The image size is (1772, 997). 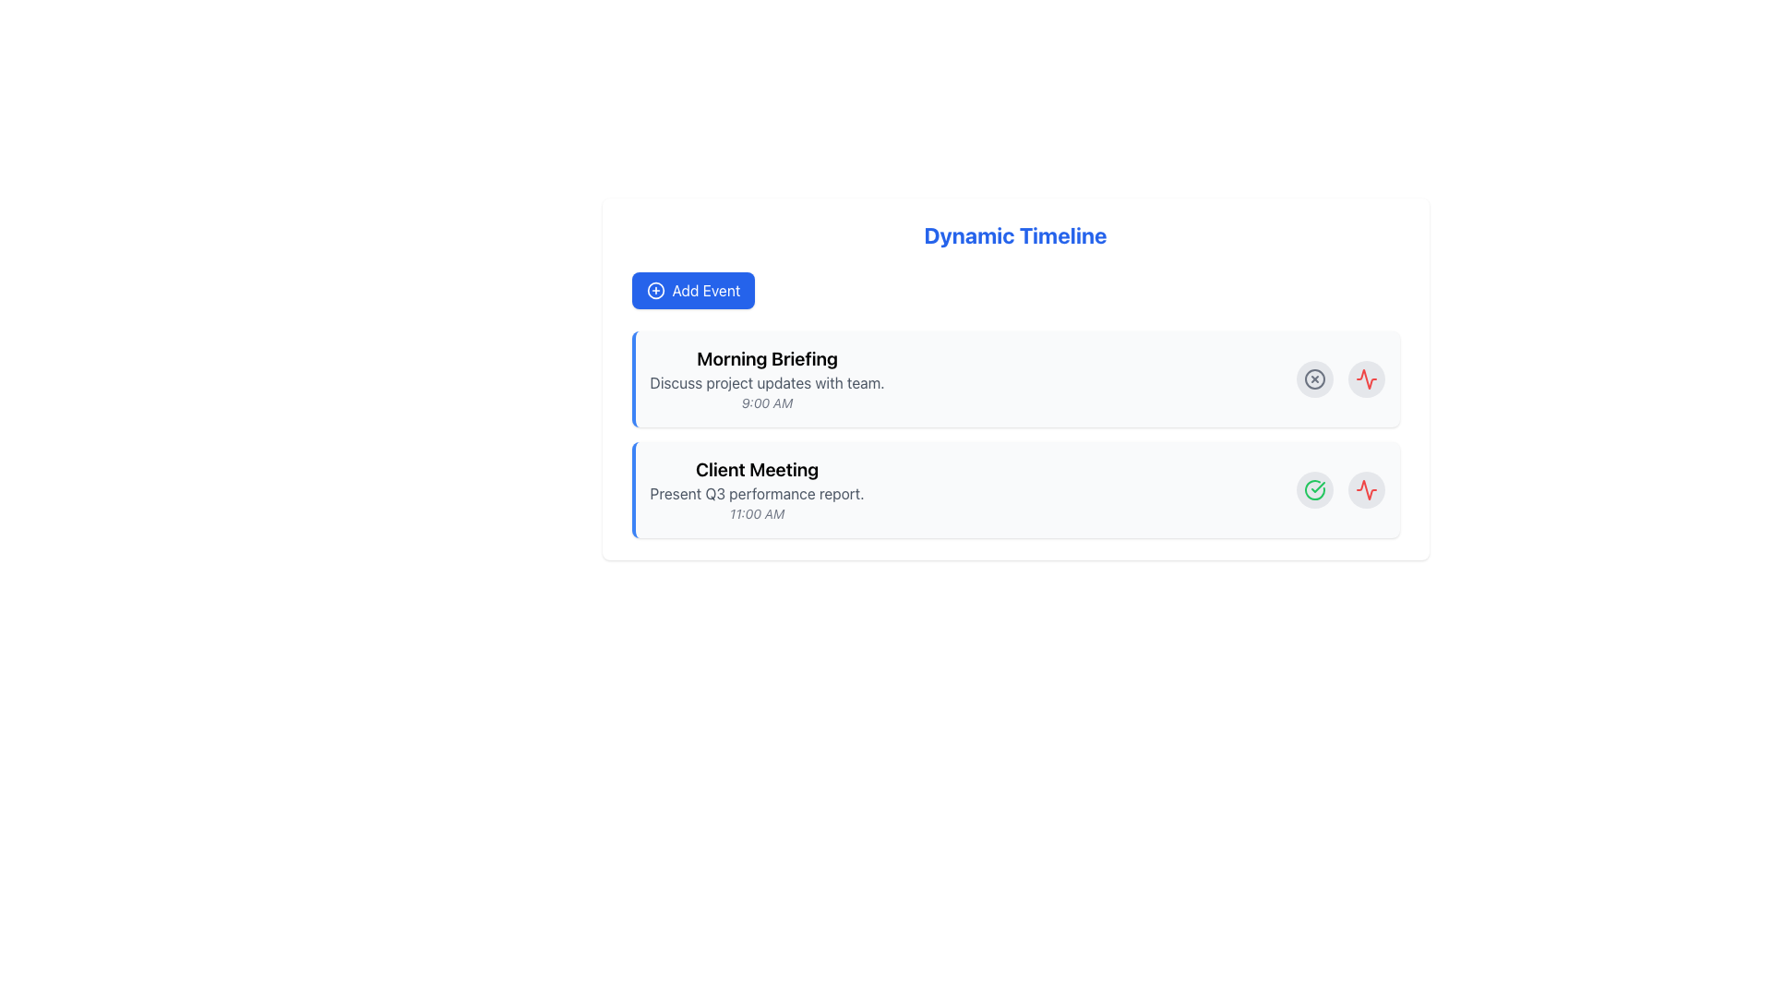 I want to click on the static text element stating 'Discuss project updates with team.' which is located below the title 'Morning Briefing' and above the time indicator '9:00 AM', so click(x=767, y=382).